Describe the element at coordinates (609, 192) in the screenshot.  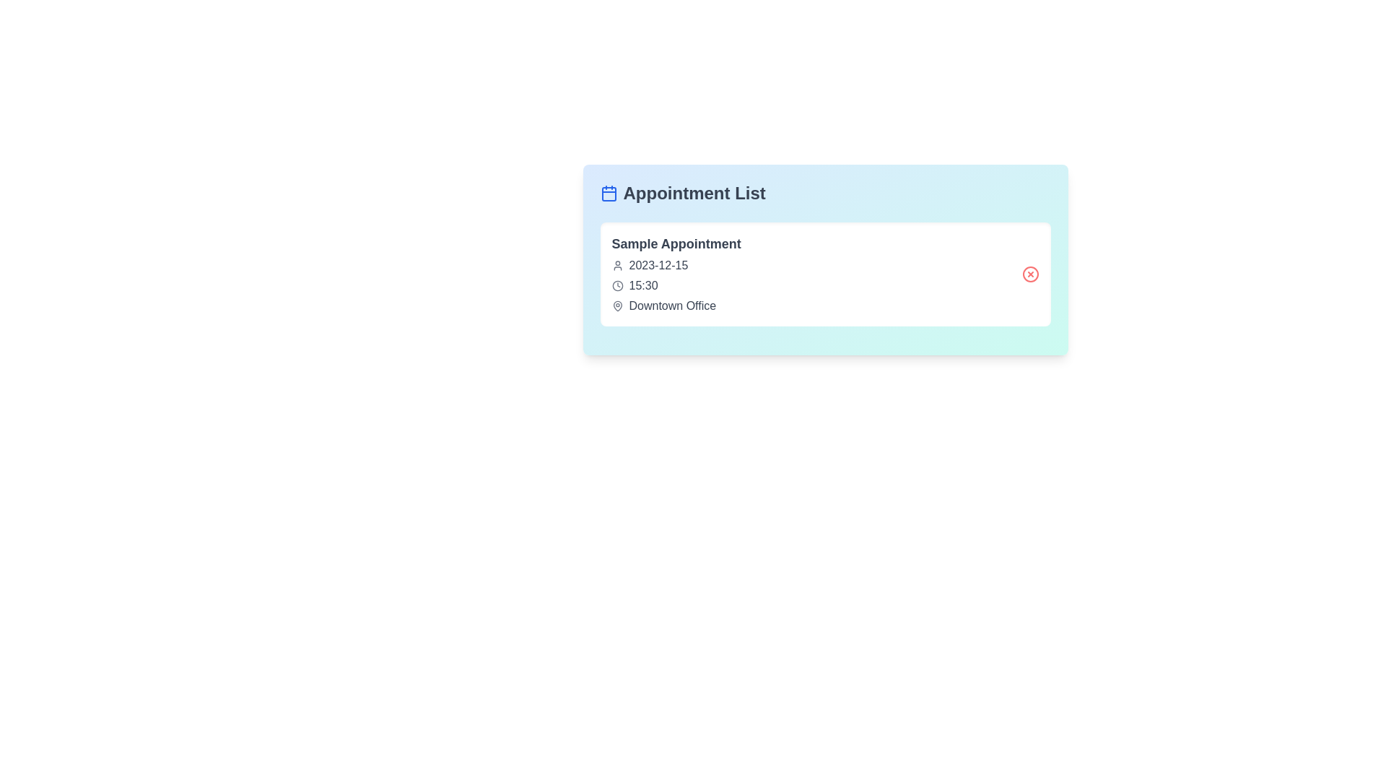
I see `the calendar icon with a blue outline, located at the far left of the header bar containing 'Appointment List'` at that location.